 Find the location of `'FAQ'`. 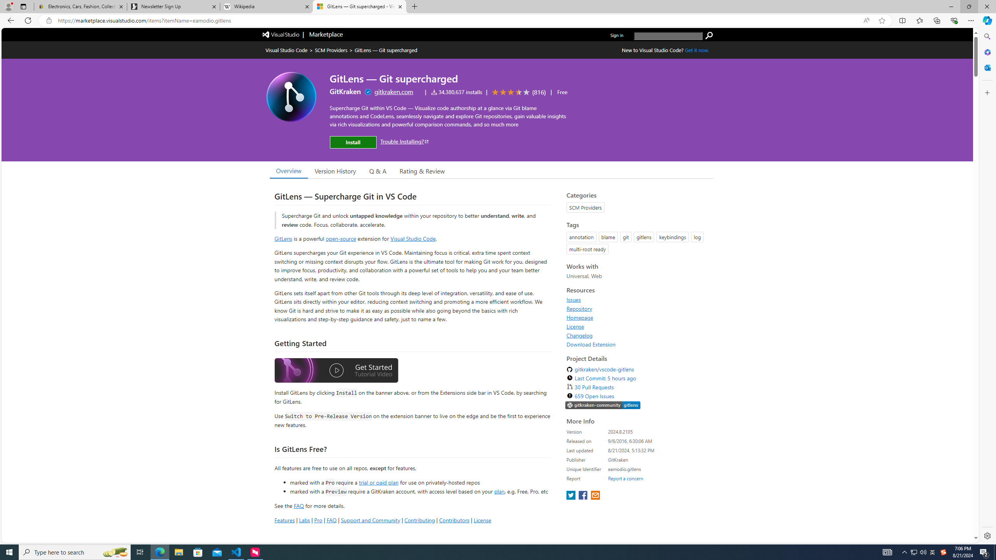

'FAQ' is located at coordinates (331, 520).